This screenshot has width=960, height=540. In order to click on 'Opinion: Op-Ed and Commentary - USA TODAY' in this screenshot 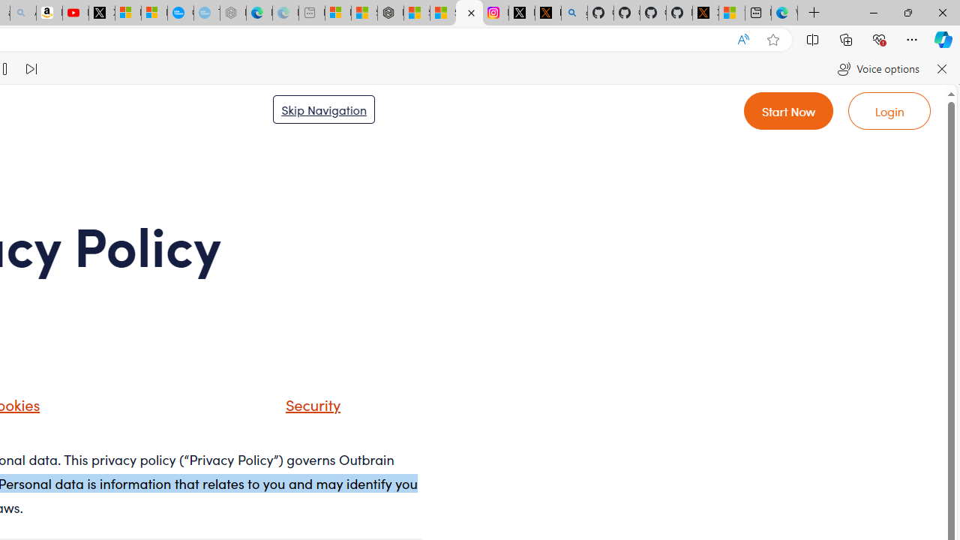, I will do `click(180, 13)`.